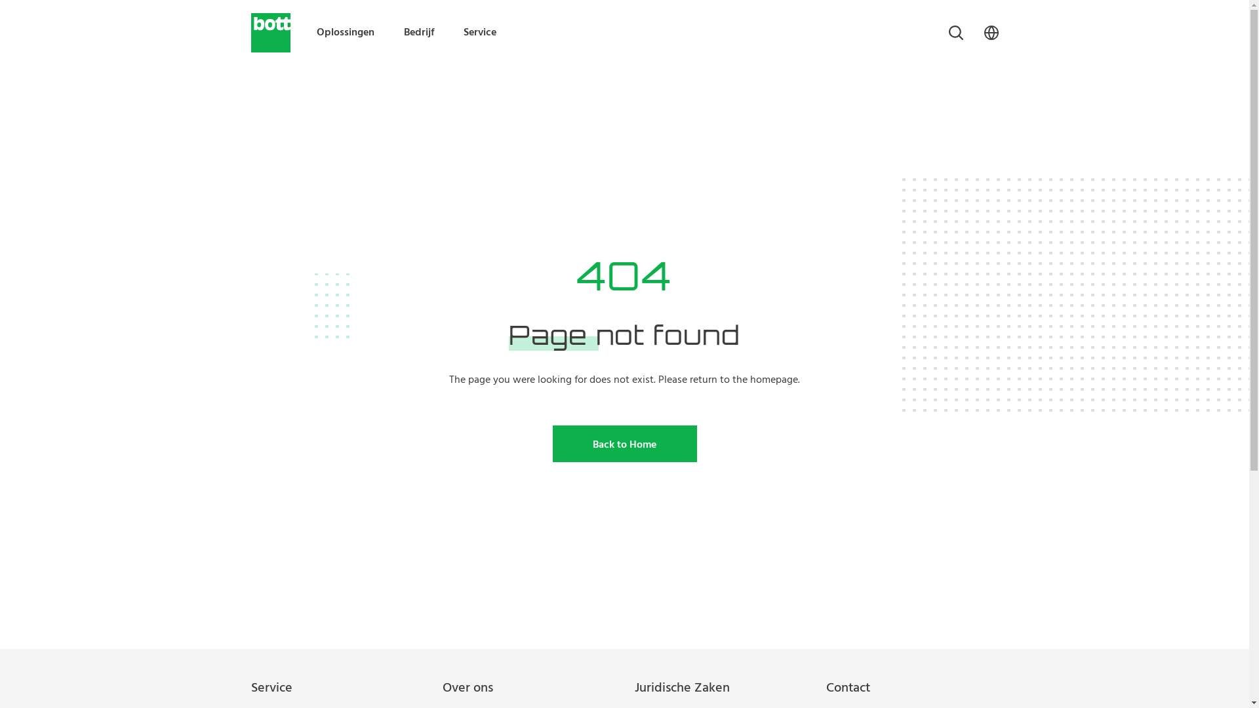 The width and height of the screenshot is (1259, 708). I want to click on 'Back to Home', so click(623, 443).